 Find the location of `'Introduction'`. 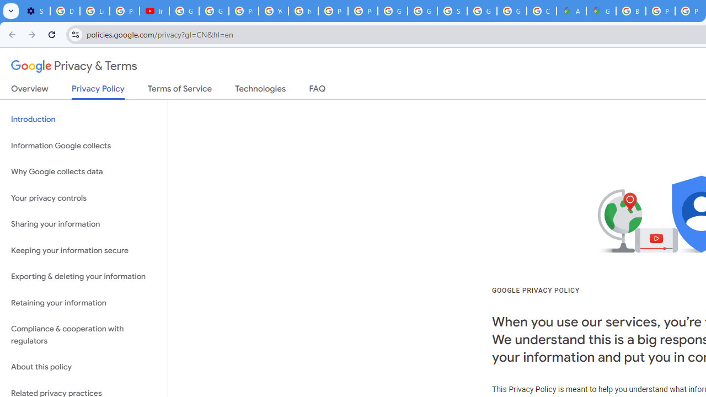

'Introduction' is located at coordinates (83, 120).